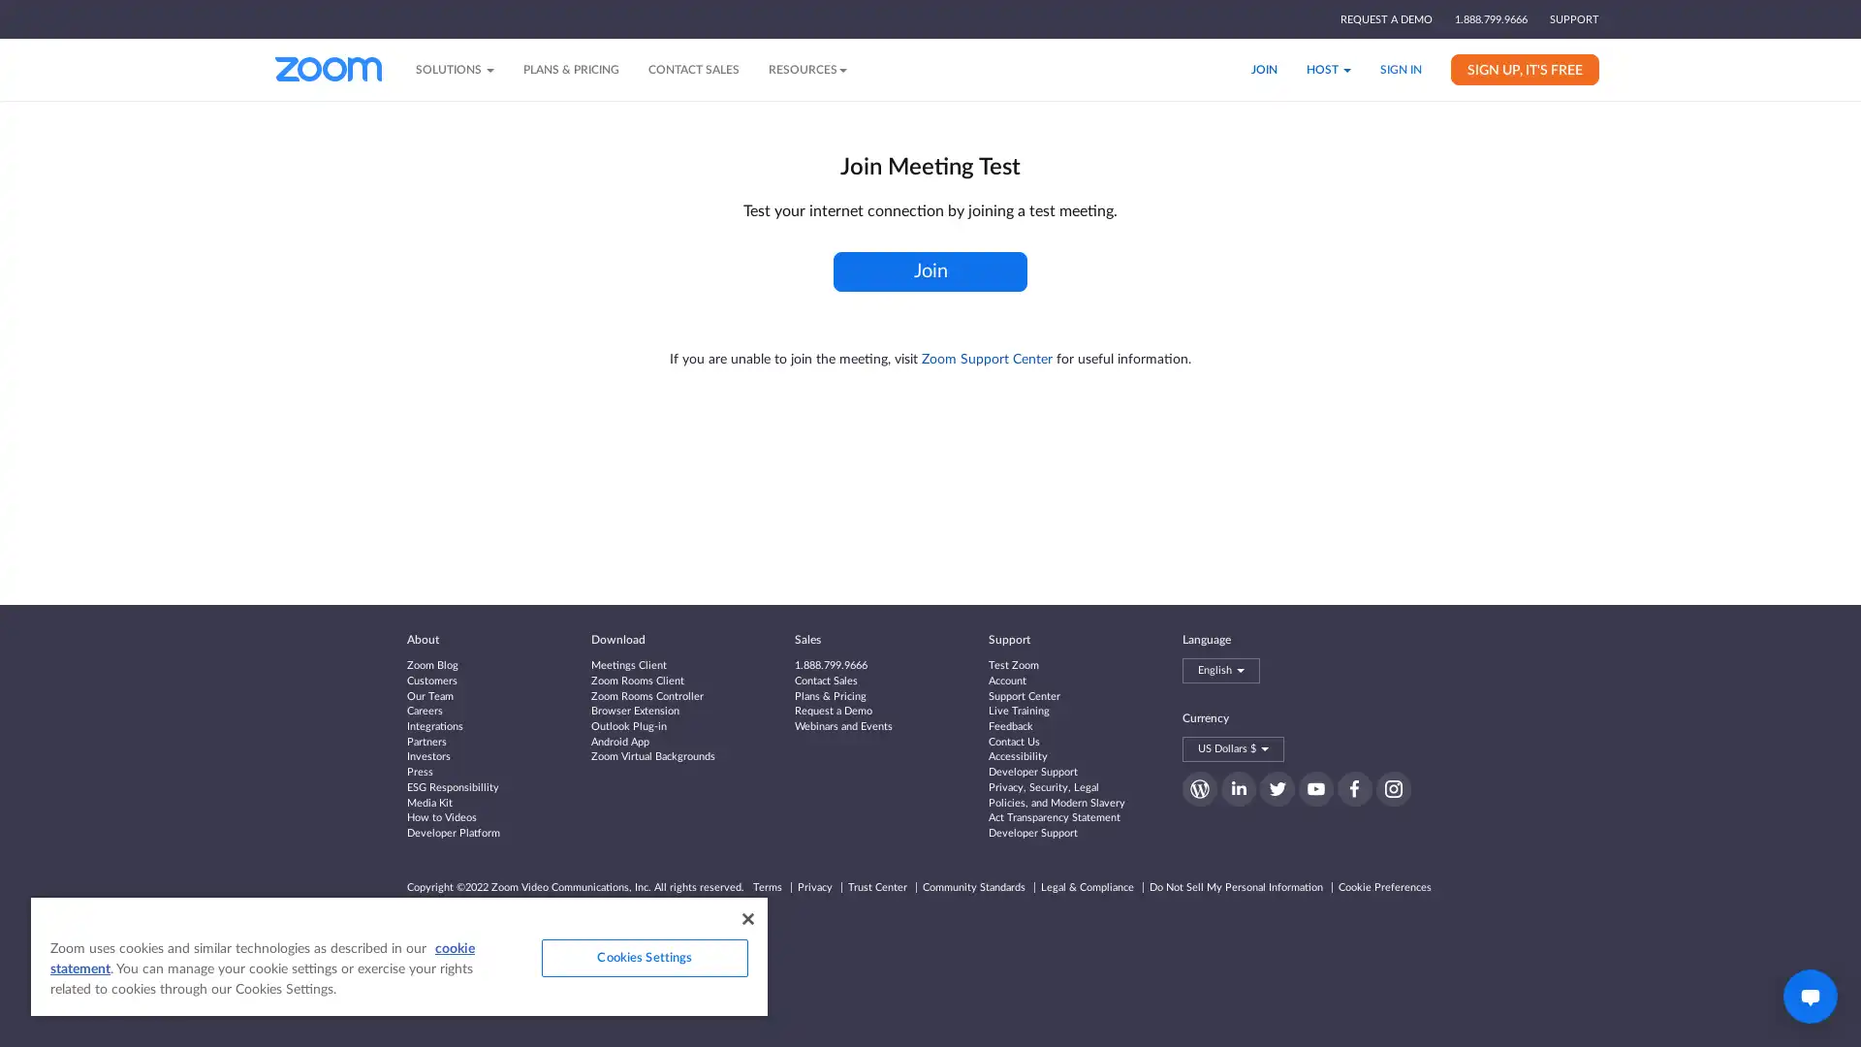  I want to click on Close, so click(746, 918).